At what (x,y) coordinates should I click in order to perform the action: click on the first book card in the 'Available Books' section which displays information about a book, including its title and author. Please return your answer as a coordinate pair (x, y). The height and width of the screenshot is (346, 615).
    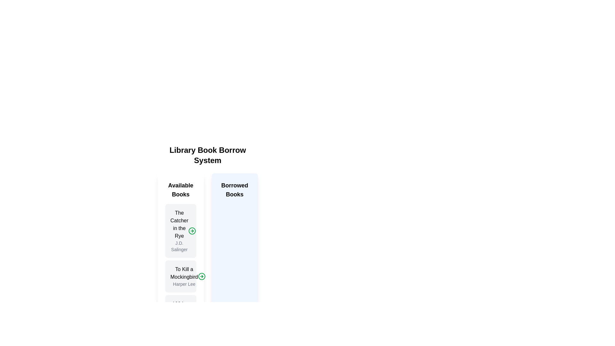
    Looking at the image, I should click on (180, 254).